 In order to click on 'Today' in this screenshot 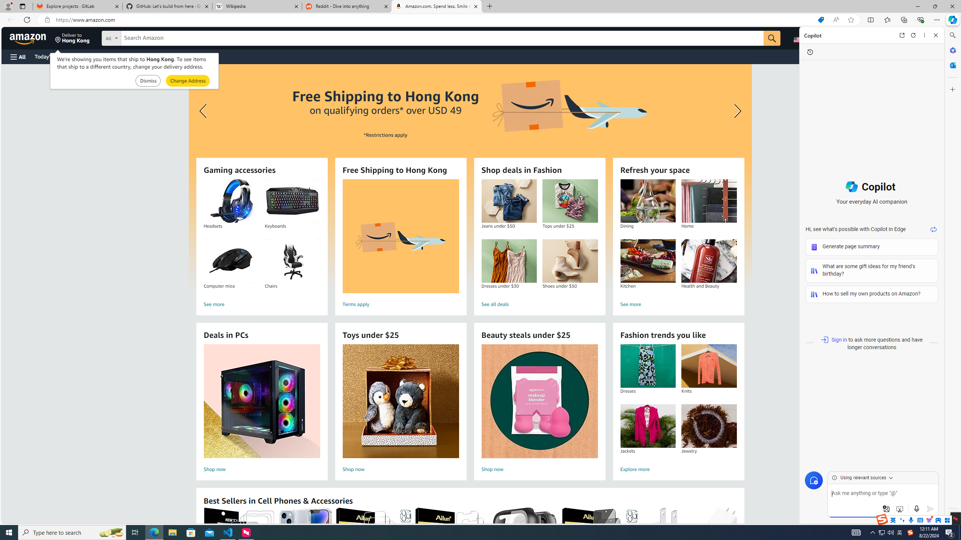, I will do `click(50, 56)`.